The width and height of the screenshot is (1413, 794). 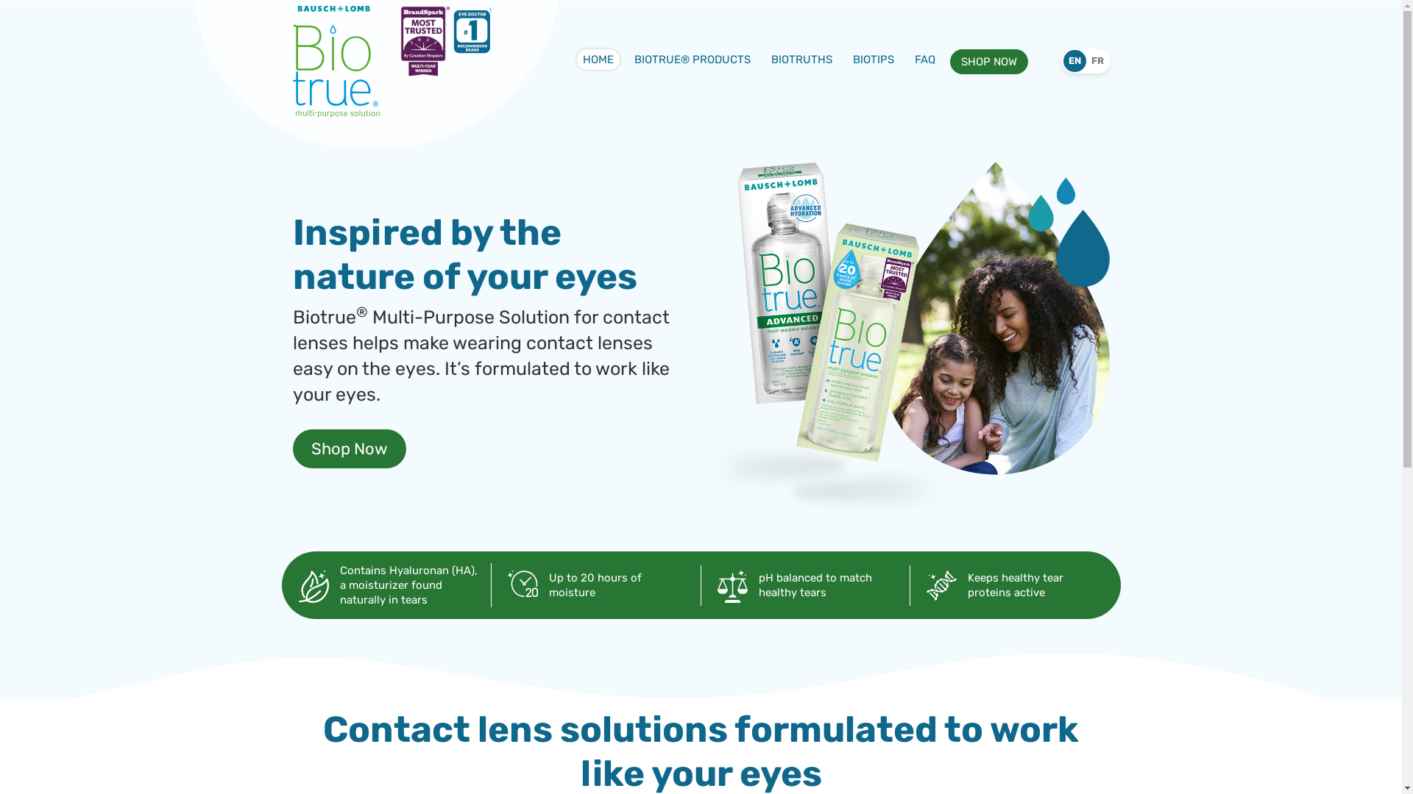 What do you see at coordinates (1097, 60) in the screenshot?
I see `'FR'` at bounding box center [1097, 60].